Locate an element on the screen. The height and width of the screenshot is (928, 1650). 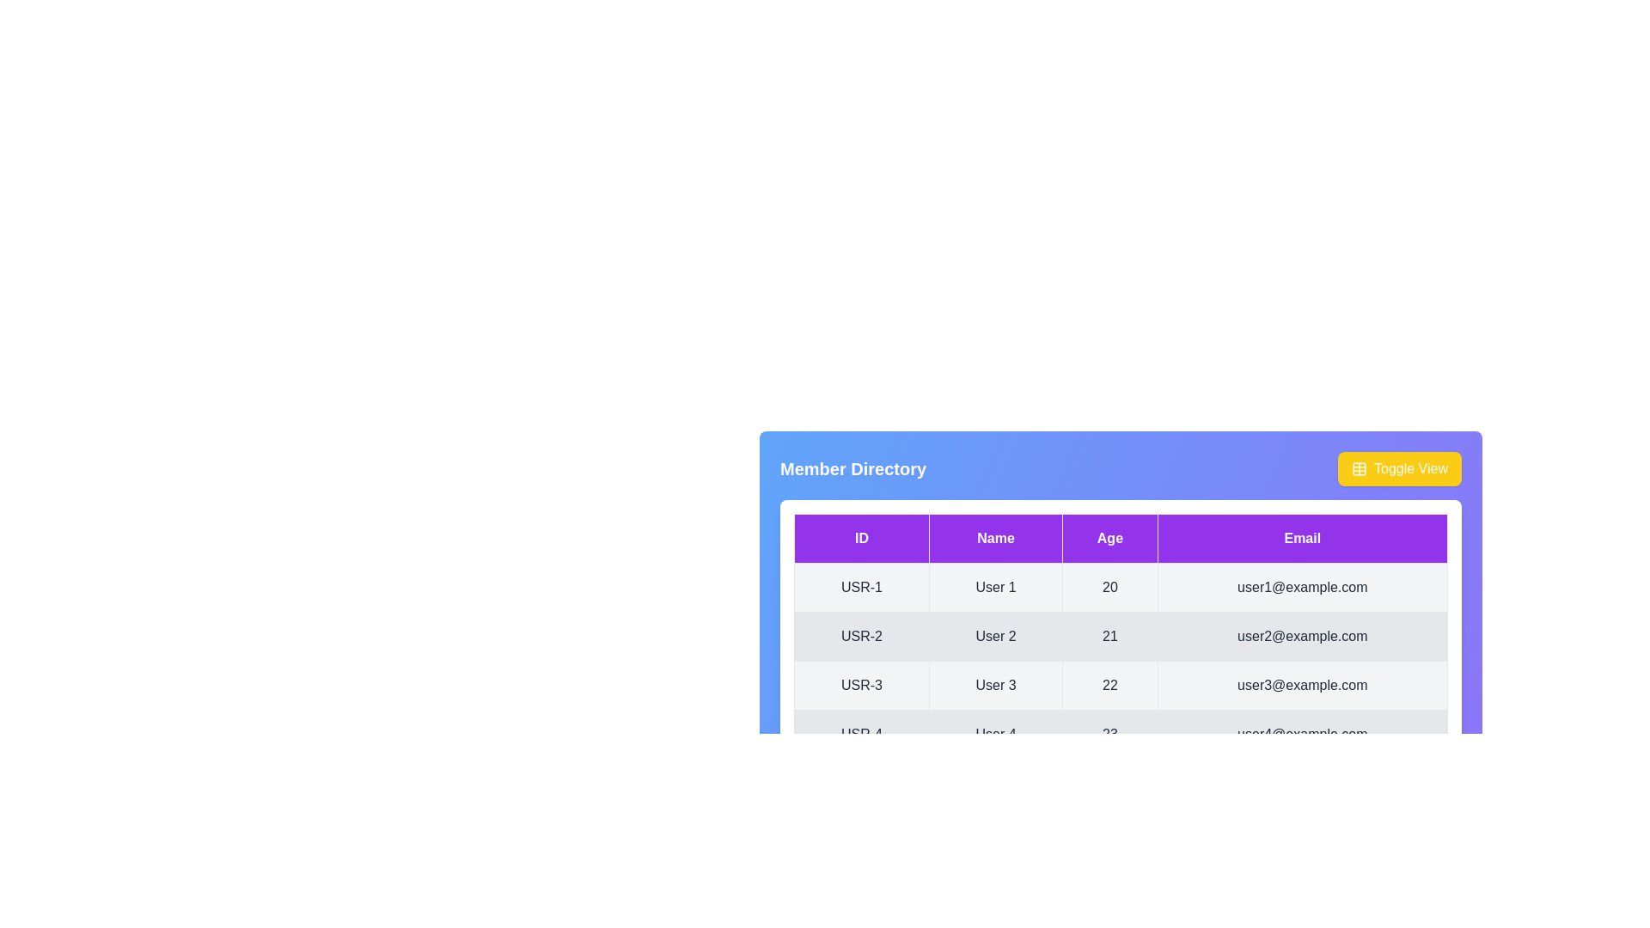
the column header Age to sort the table by that column is located at coordinates (1109, 538).